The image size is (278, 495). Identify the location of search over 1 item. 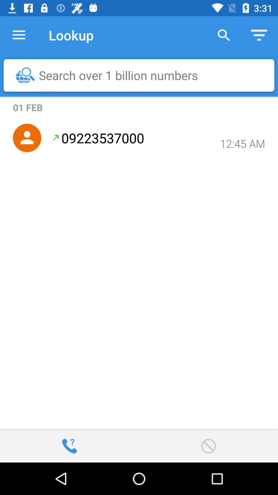
(142, 75).